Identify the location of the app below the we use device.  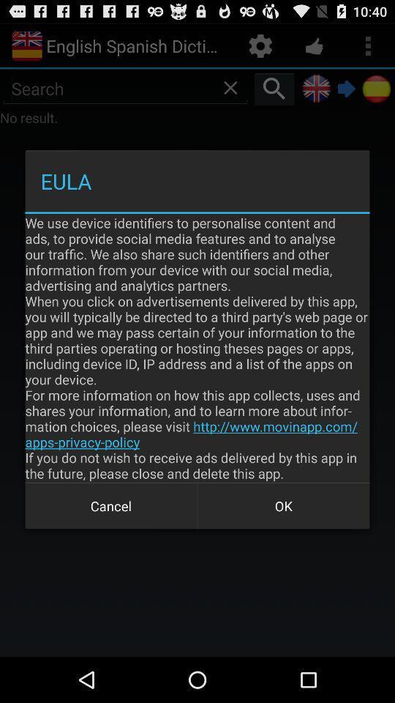
(110, 506).